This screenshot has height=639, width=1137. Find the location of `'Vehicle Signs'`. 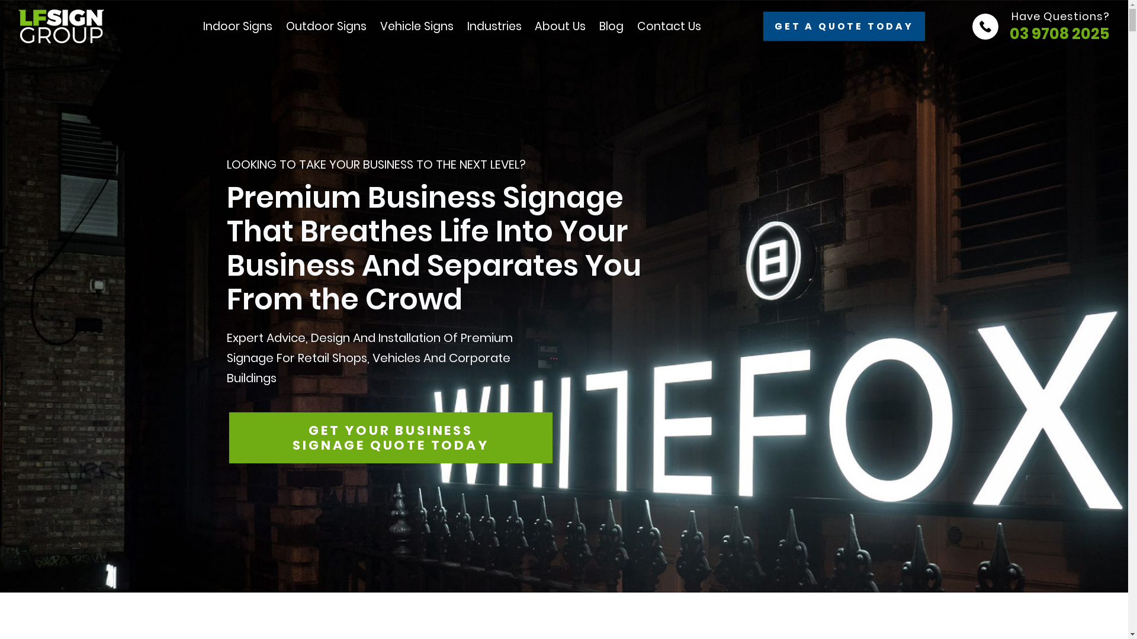

'Vehicle Signs' is located at coordinates (417, 27).